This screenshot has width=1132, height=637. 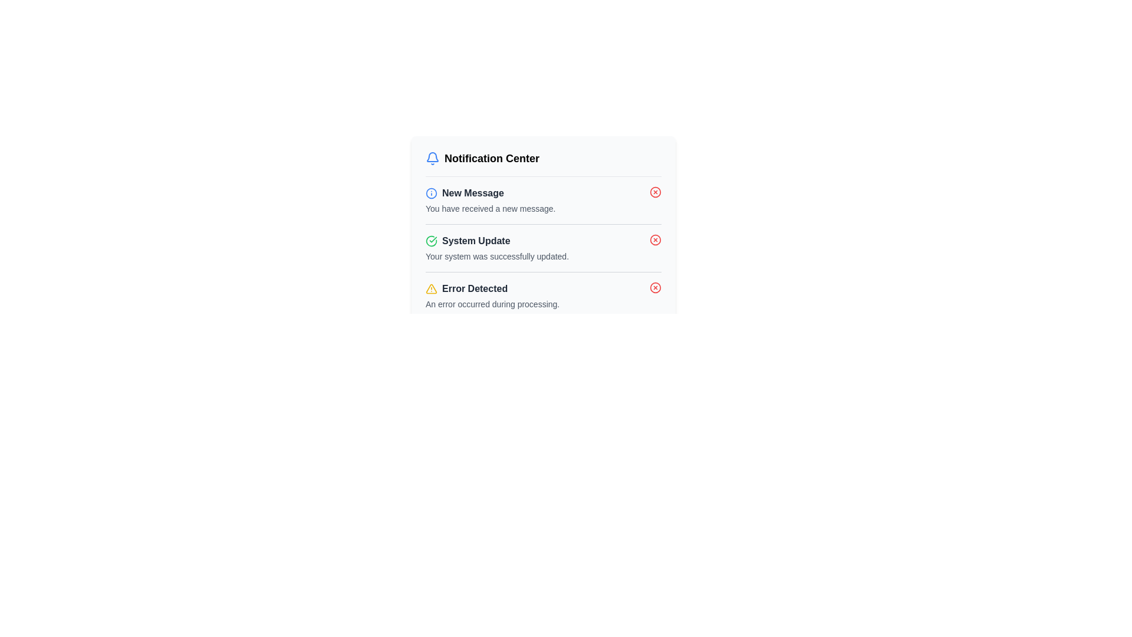 I want to click on the content of the 'New Message' text label, which is bold and dark gray, positioned below the 'Notification Center' heading, so click(x=473, y=192).